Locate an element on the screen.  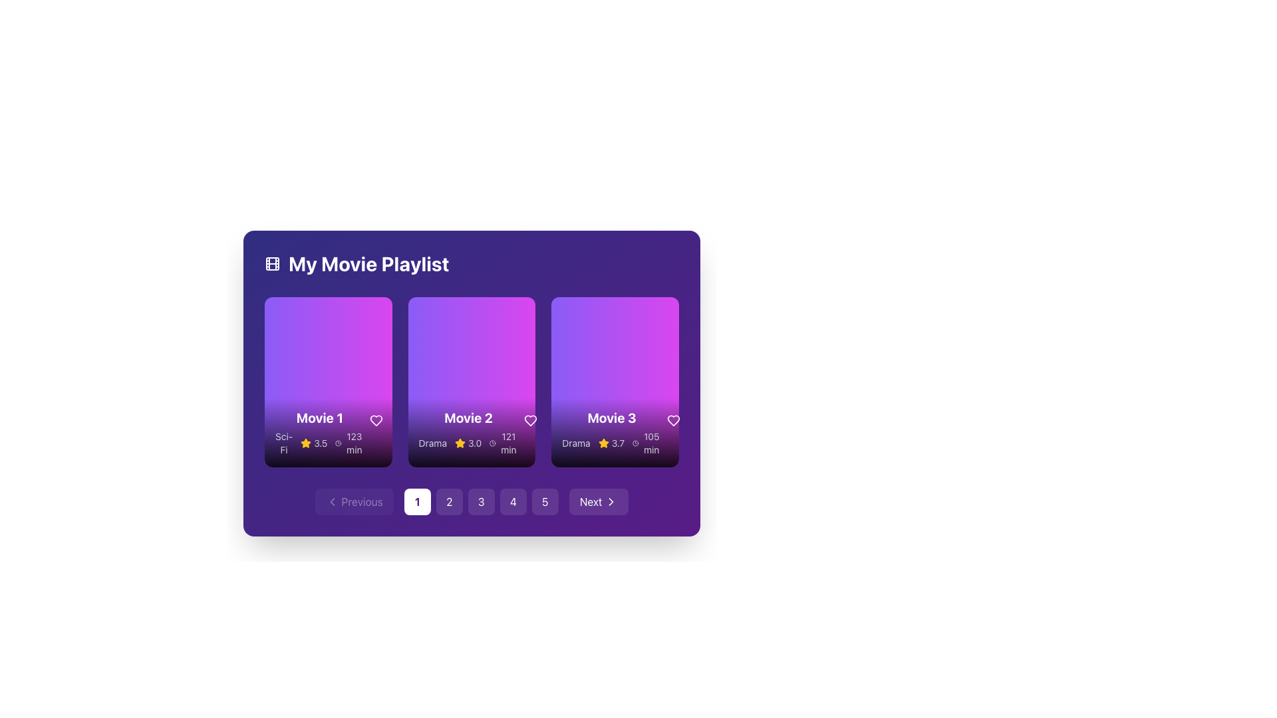
the movie clip icon located at the far left side of the heading 'My Movie Playlist', which is represented as a rectangle with vertical lines symbolizing a film strip is located at coordinates (271, 264).